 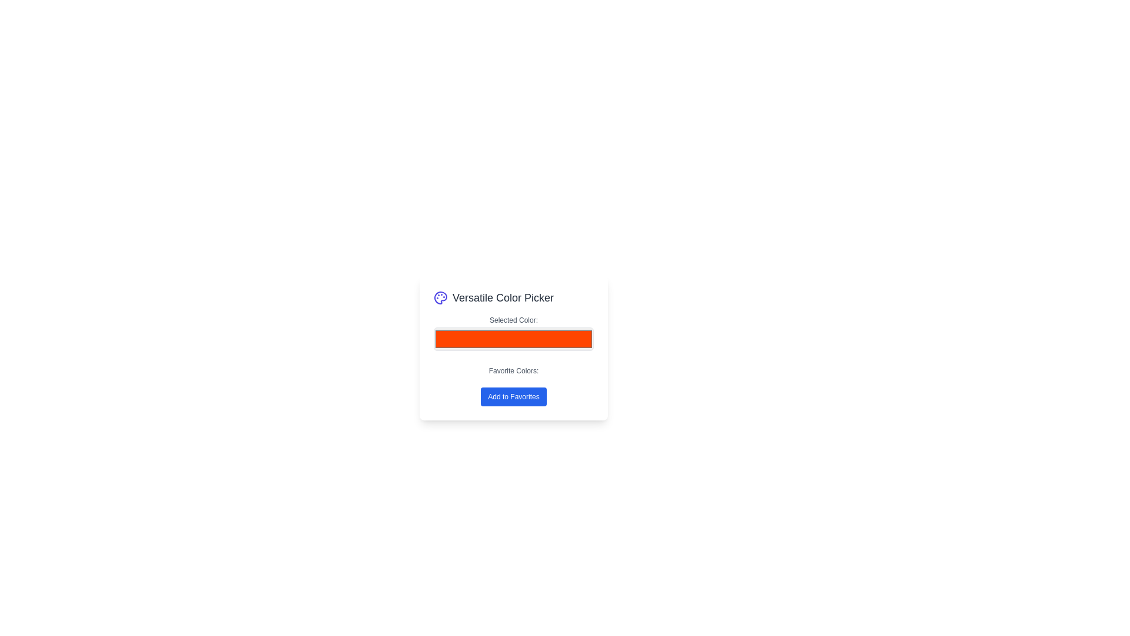 What do you see at coordinates (440, 297) in the screenshot?
I see `the color selection icon labeled 'Versatile Color Picker', which is positioned to the left of its text label` at bounding box center [440, 297].